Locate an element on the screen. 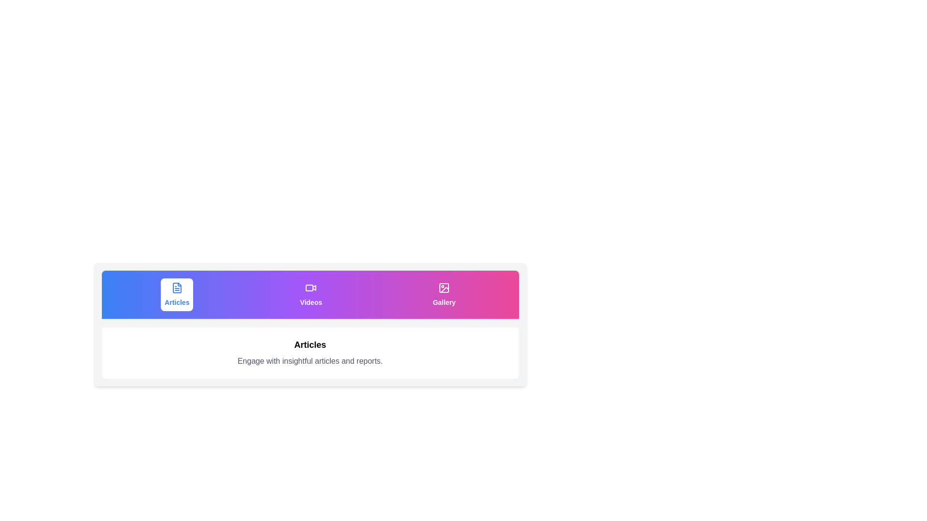  the tab button labeled 'Articles' to observe its animation is located at coordinates (177, 294).